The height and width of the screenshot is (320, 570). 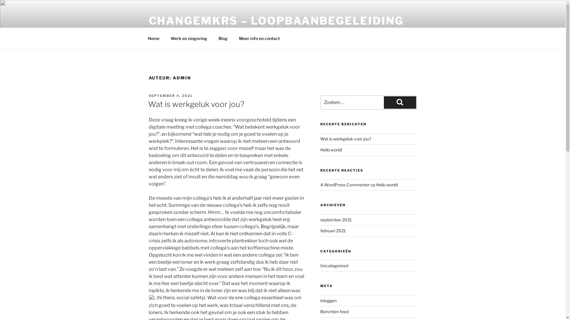 I want to click on 'Meer info en contact', so click(x=259, y=38).